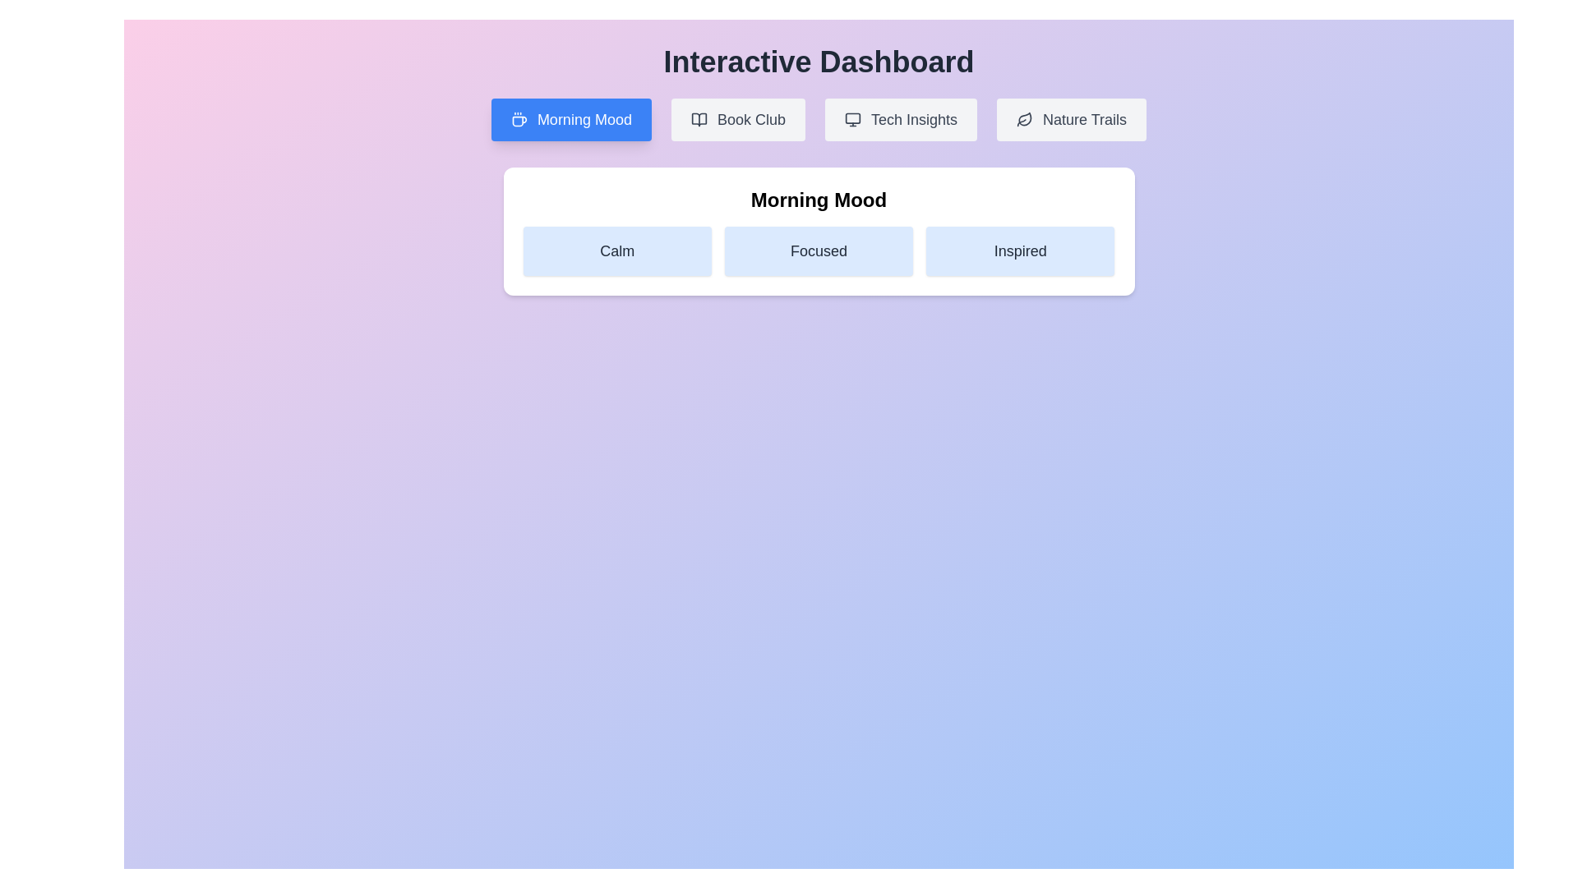 The width and height of the screenshot is (1578, 887). What do you see at coordinates (1072, 119) in the screenshot?
I see `the 'Nature Trails' button in the Interactive Dashboard` at bounding box center [1072, 119].